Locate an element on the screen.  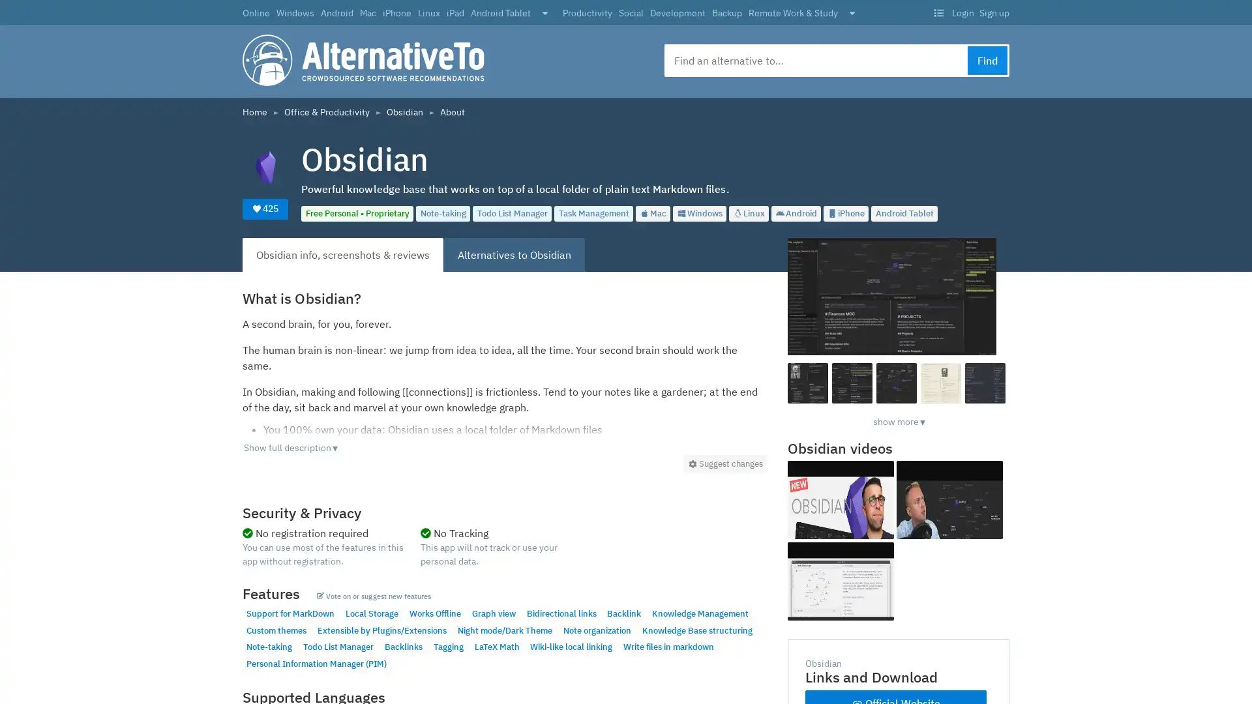
Show all platforms is located at coordinates (544, 14).